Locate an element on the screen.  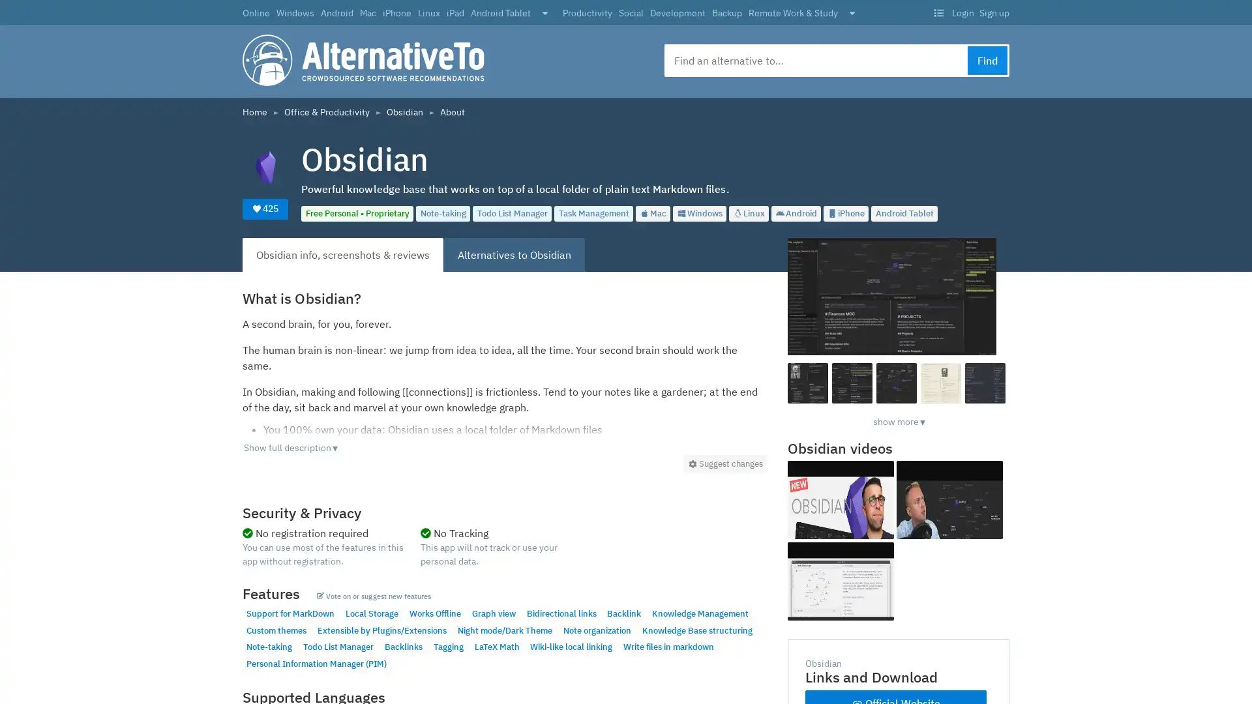
Show all platforms is located at coordinates (544, 14).